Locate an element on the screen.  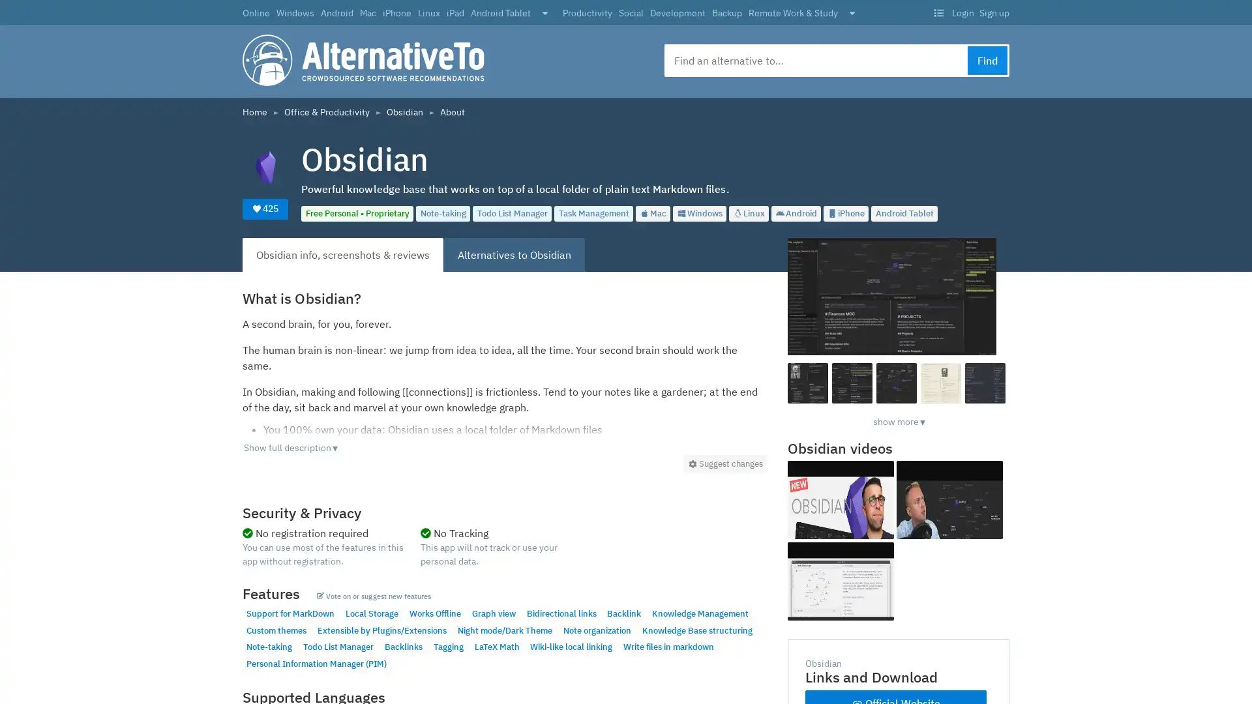
Show all platforms is located at coordinates (544, 14).